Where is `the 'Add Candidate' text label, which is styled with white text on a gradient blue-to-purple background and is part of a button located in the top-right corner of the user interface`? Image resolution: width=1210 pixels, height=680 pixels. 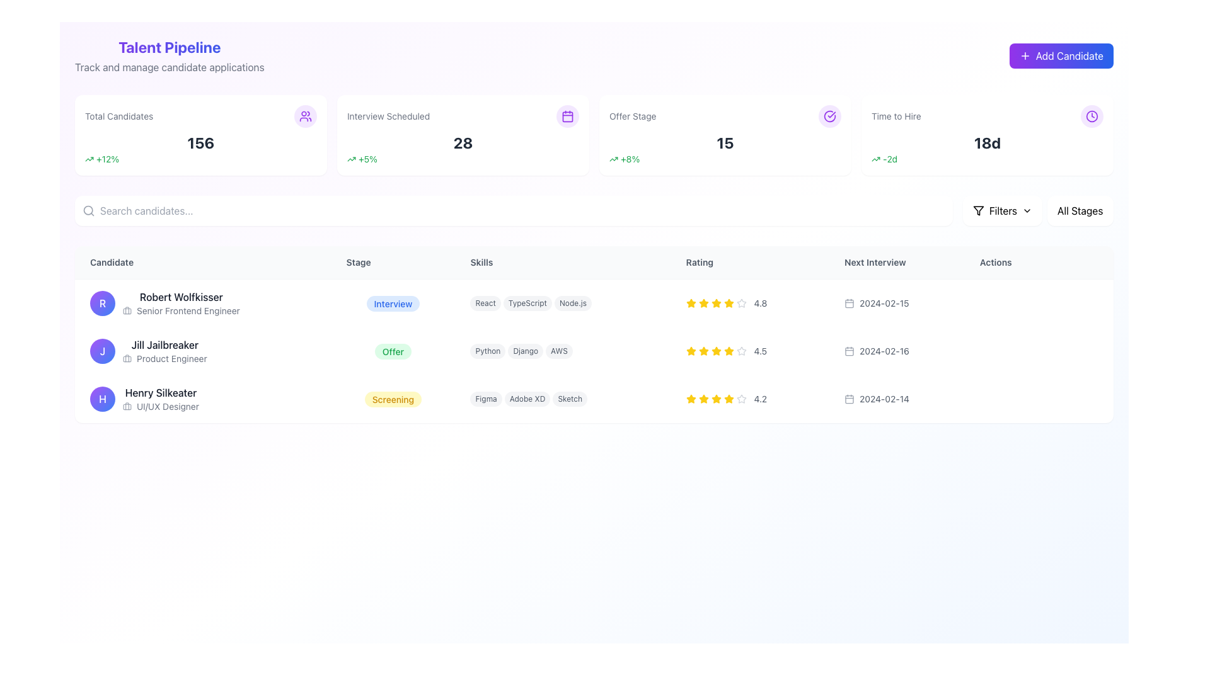
the 'Add Candidate' text label, which is styled with white text on a gradient blue-to-purple background and is part of a button located in the top-right corner of the user interface is located at coordinates (1069, 55).